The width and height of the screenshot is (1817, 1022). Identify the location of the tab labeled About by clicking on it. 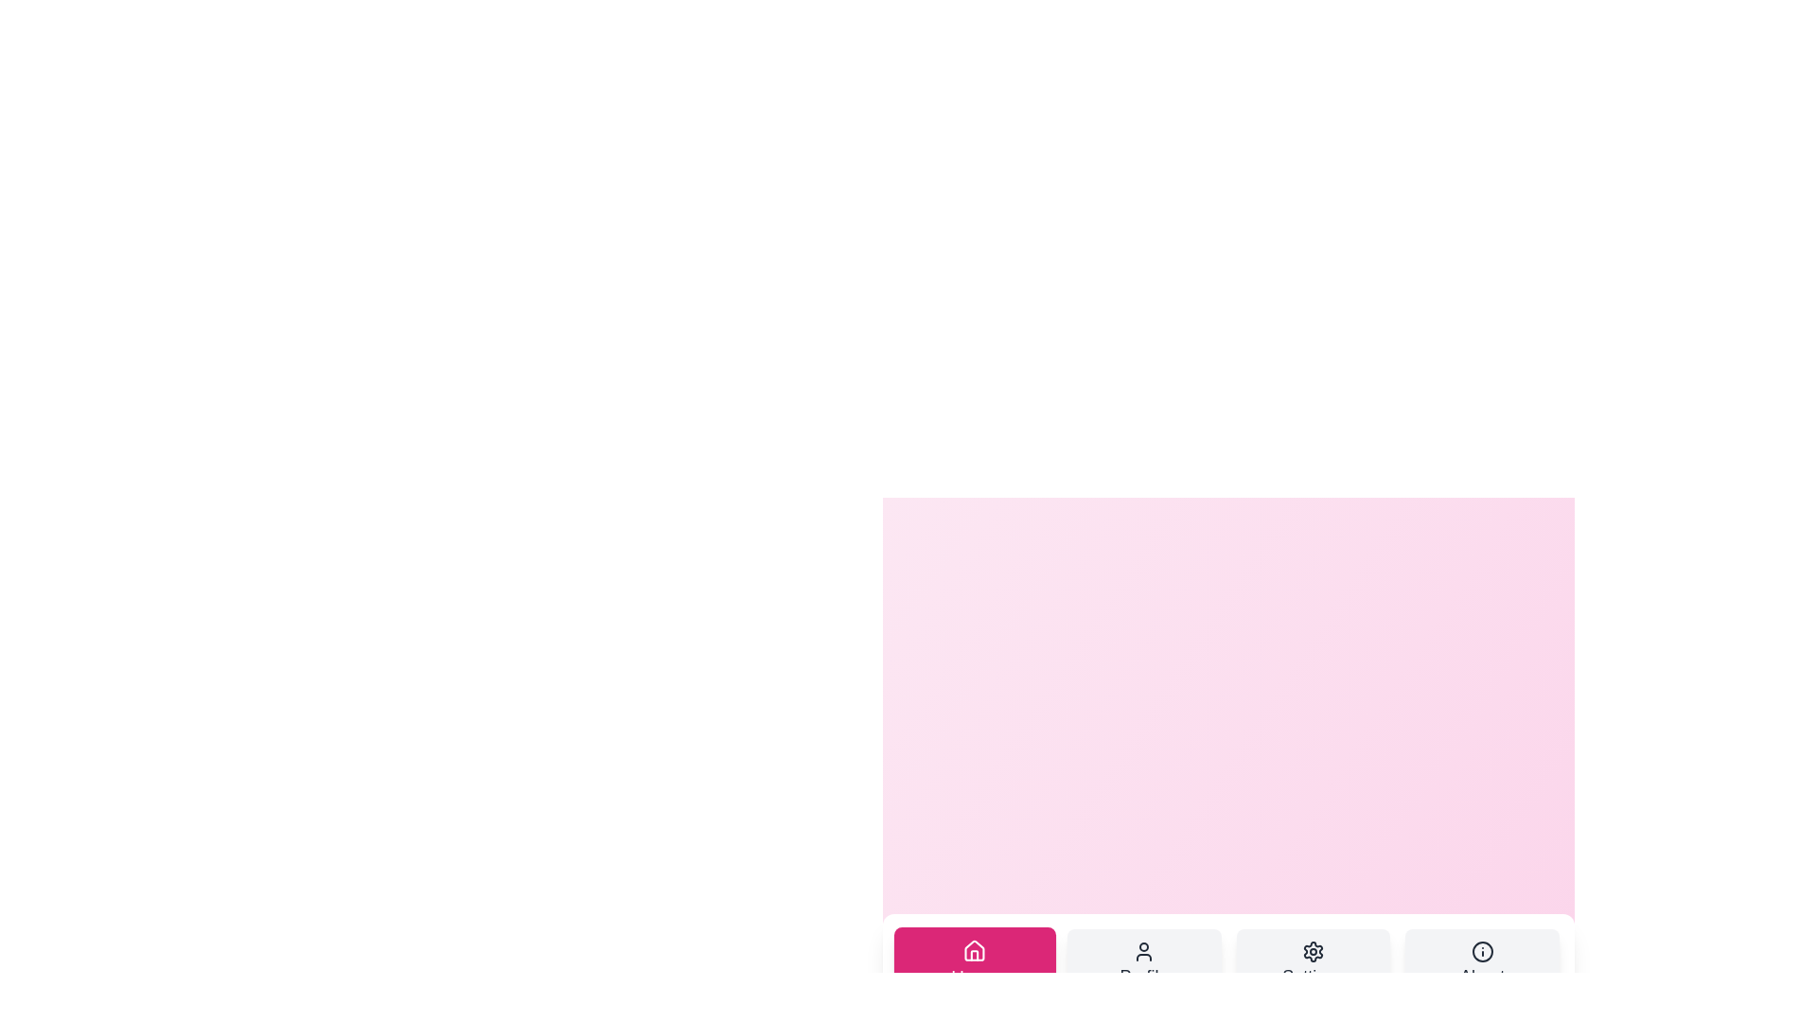
(1481, 964).